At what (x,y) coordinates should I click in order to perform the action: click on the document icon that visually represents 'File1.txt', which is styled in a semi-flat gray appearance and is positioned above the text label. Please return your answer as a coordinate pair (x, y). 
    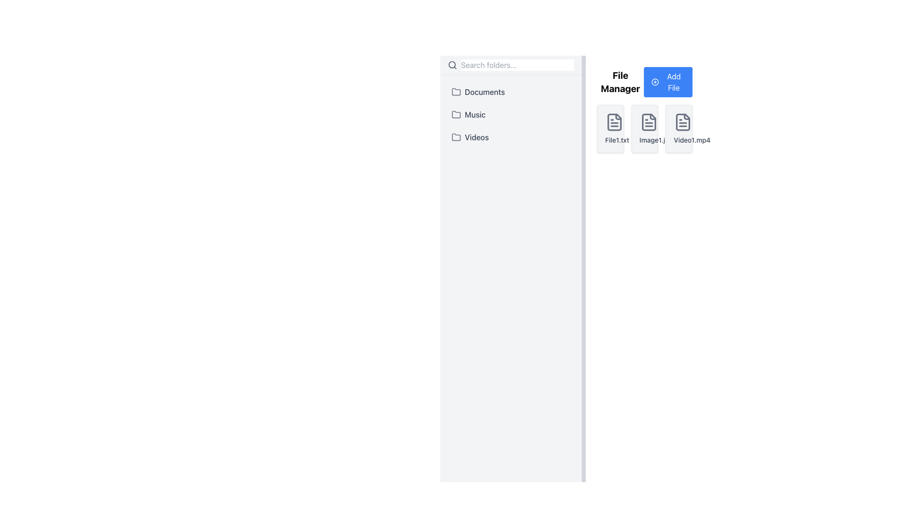
    Looking at the image, I should click on (614, 121).